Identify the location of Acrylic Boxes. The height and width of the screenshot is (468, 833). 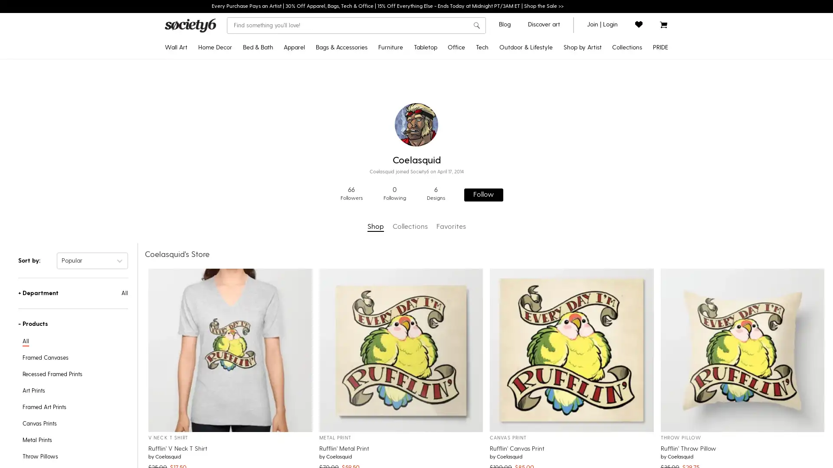
(478, 140).